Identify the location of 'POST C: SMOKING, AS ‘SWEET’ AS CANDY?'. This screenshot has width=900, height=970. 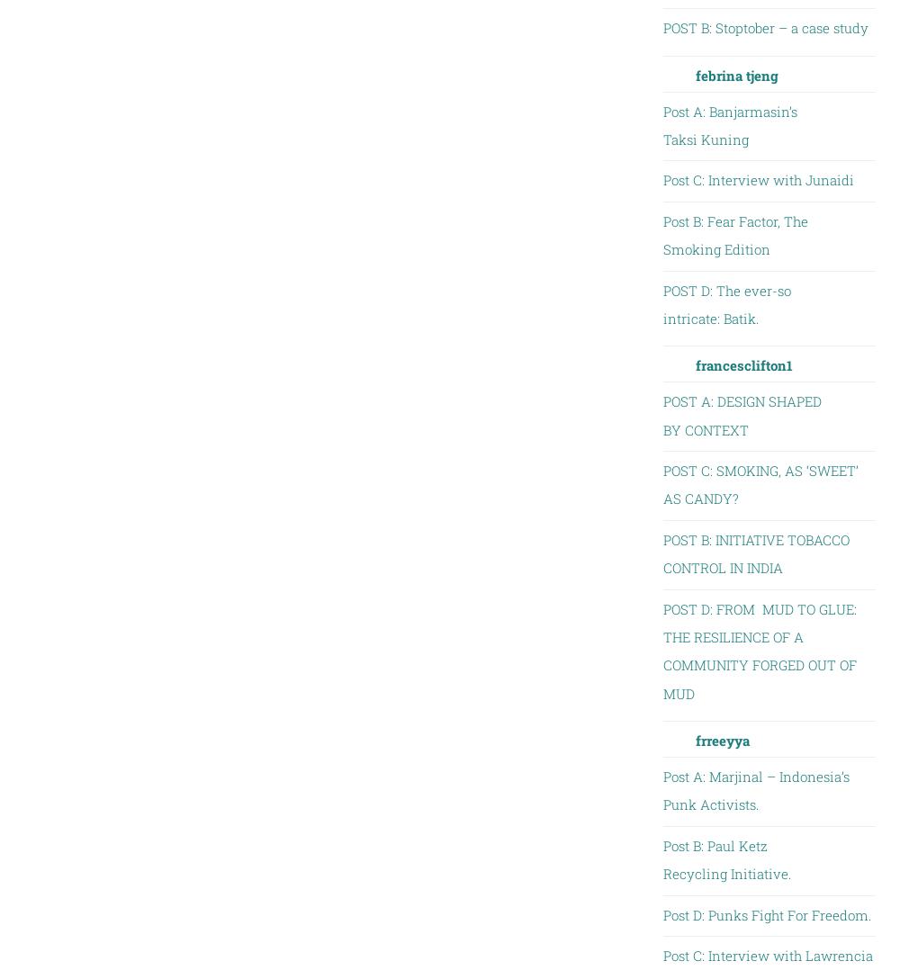
(759, 484).